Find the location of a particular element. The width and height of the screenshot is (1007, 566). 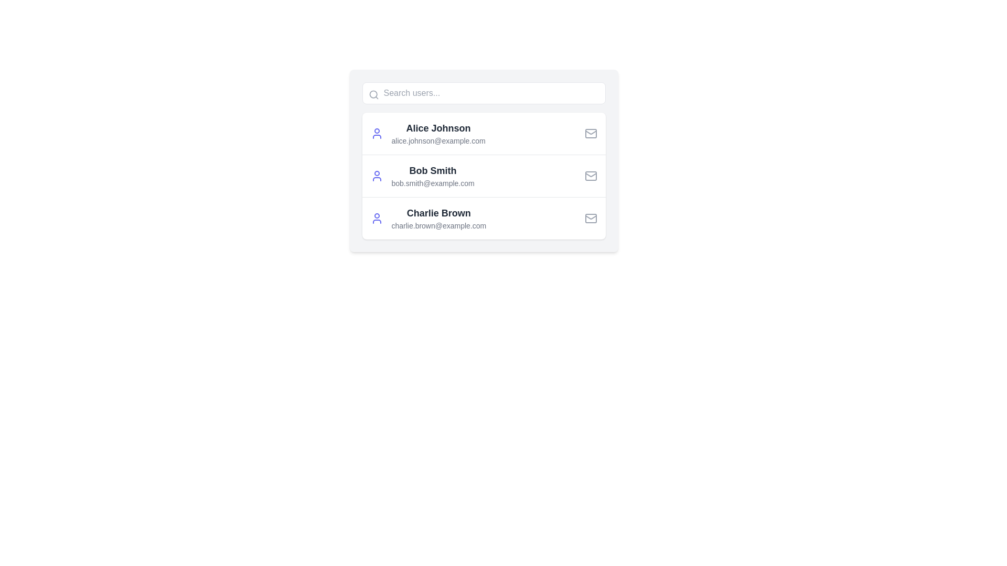

the static text label displaying 'charlie.brown@example.com', which is styled in gray and positioned below the name 'Charlie Brown' is located at coordinates (438, 225).